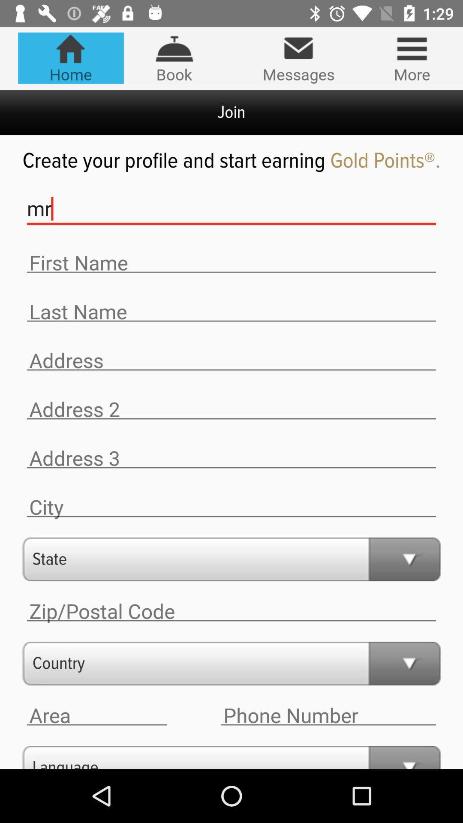 The width and height of the screenshot is (463, 823). Describe the element at coordinates (96, 715) in the screenshot. I see `area` at that location.